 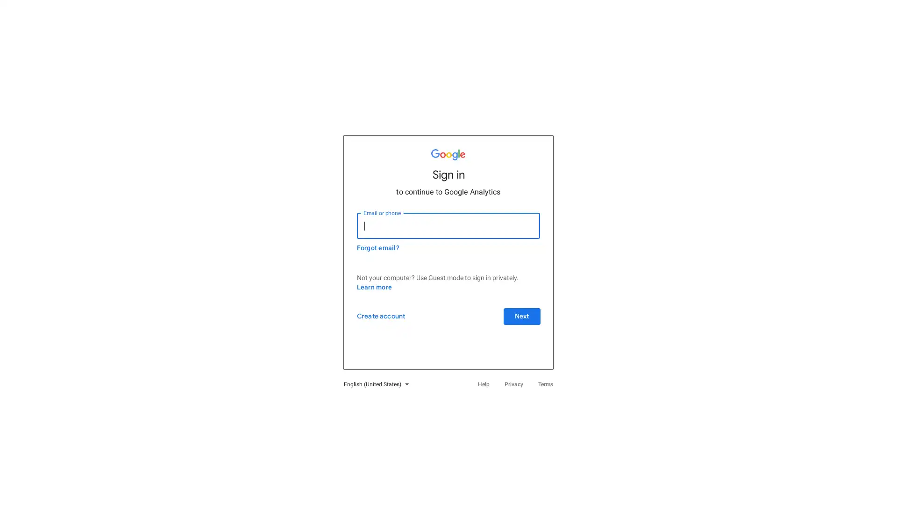 I want to click on Next, so click(x=515, y=324).